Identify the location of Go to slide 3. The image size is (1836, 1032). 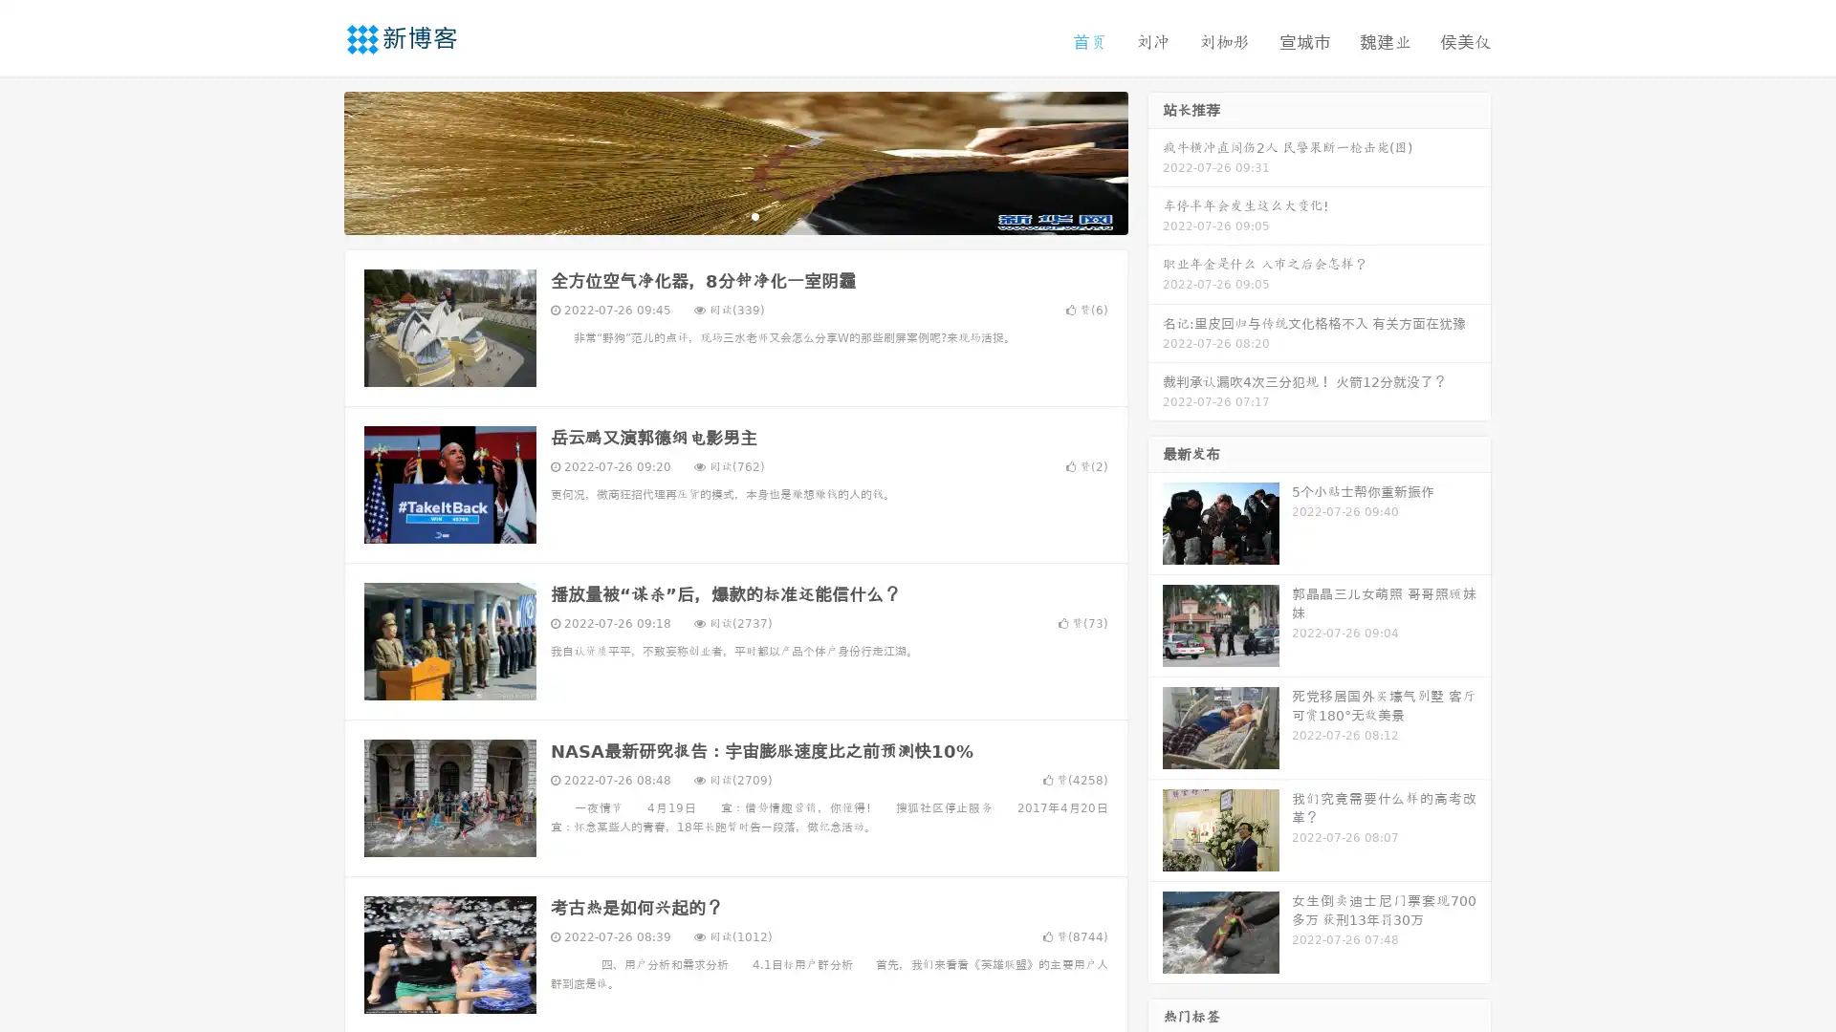
(754, 215).